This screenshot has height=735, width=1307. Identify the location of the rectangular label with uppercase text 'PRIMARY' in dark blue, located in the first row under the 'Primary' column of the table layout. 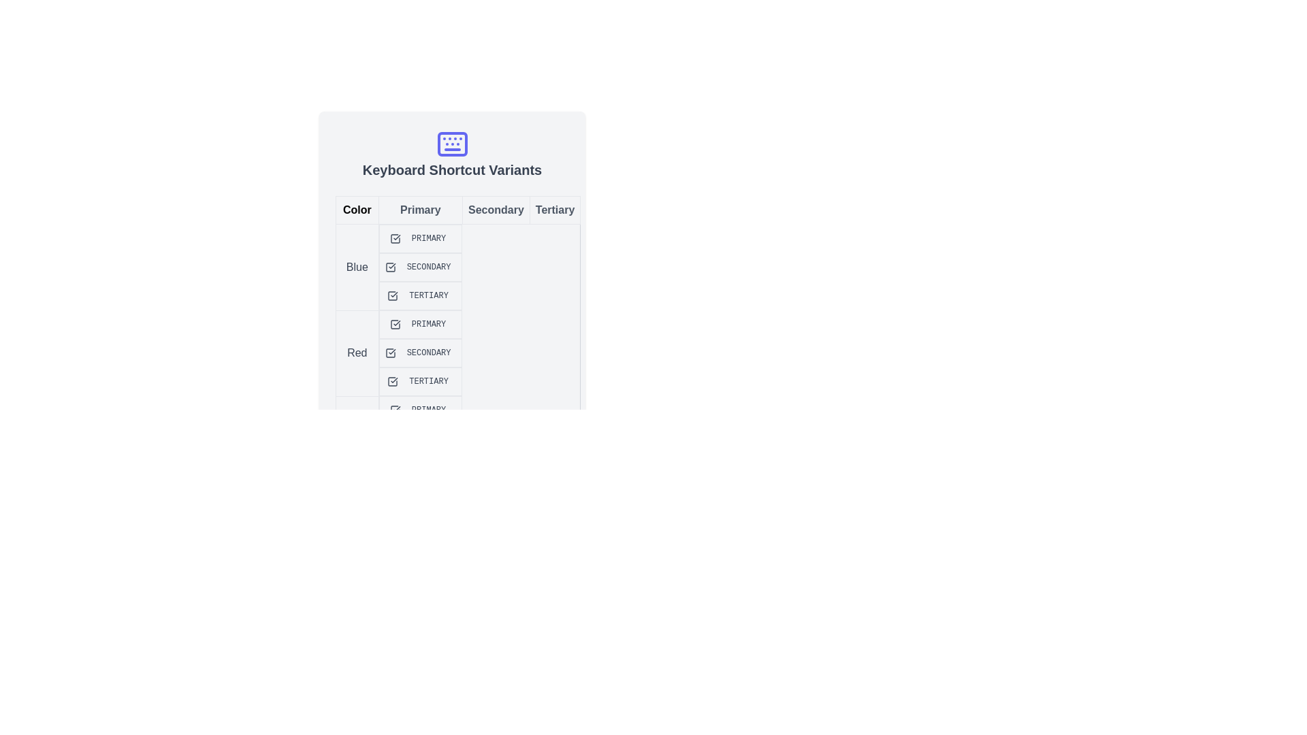
(428, 238).